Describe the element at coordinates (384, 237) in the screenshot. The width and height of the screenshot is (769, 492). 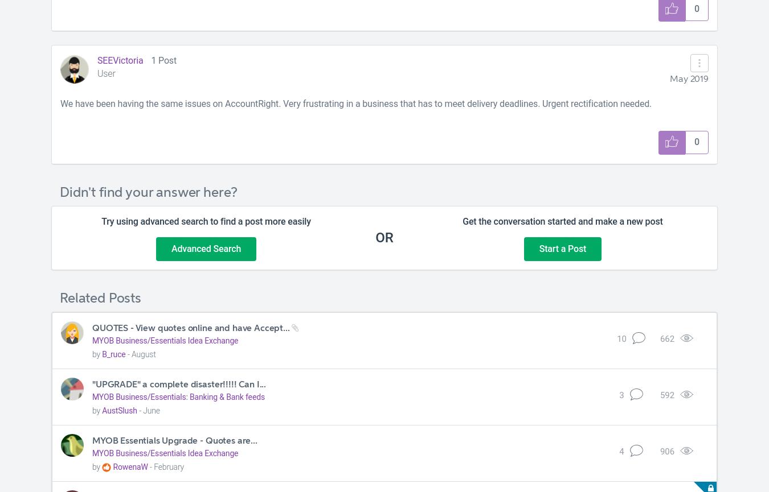
I see `'or'` at that location.